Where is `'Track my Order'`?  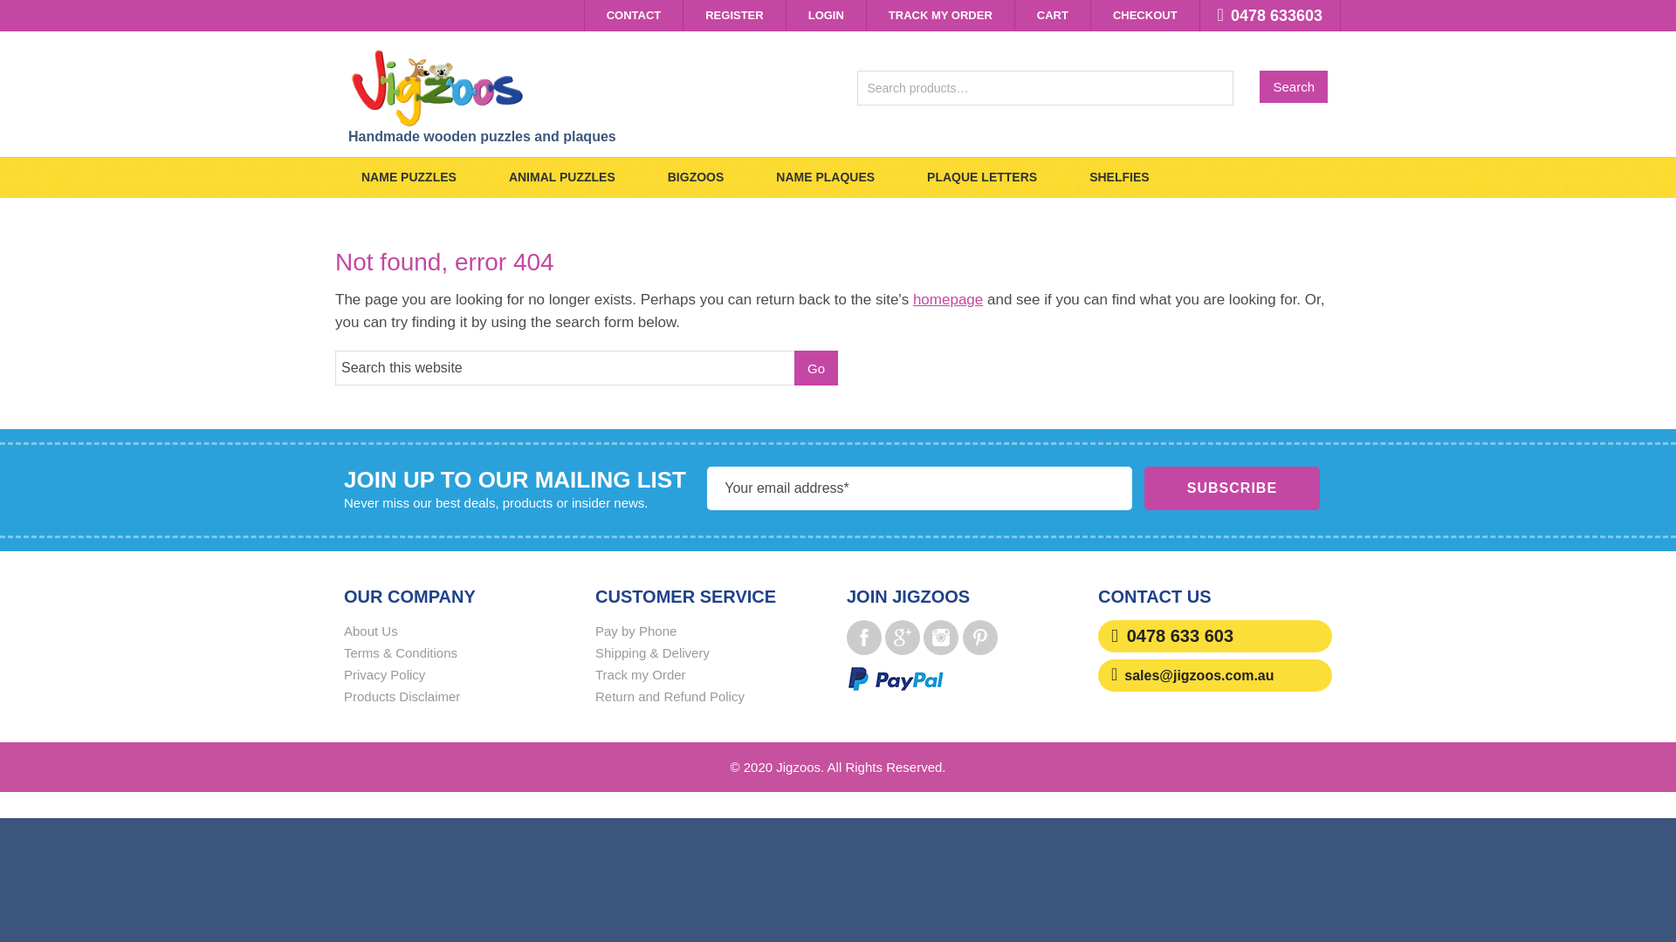
'Track my Order' is located at coordinates (640, 673).